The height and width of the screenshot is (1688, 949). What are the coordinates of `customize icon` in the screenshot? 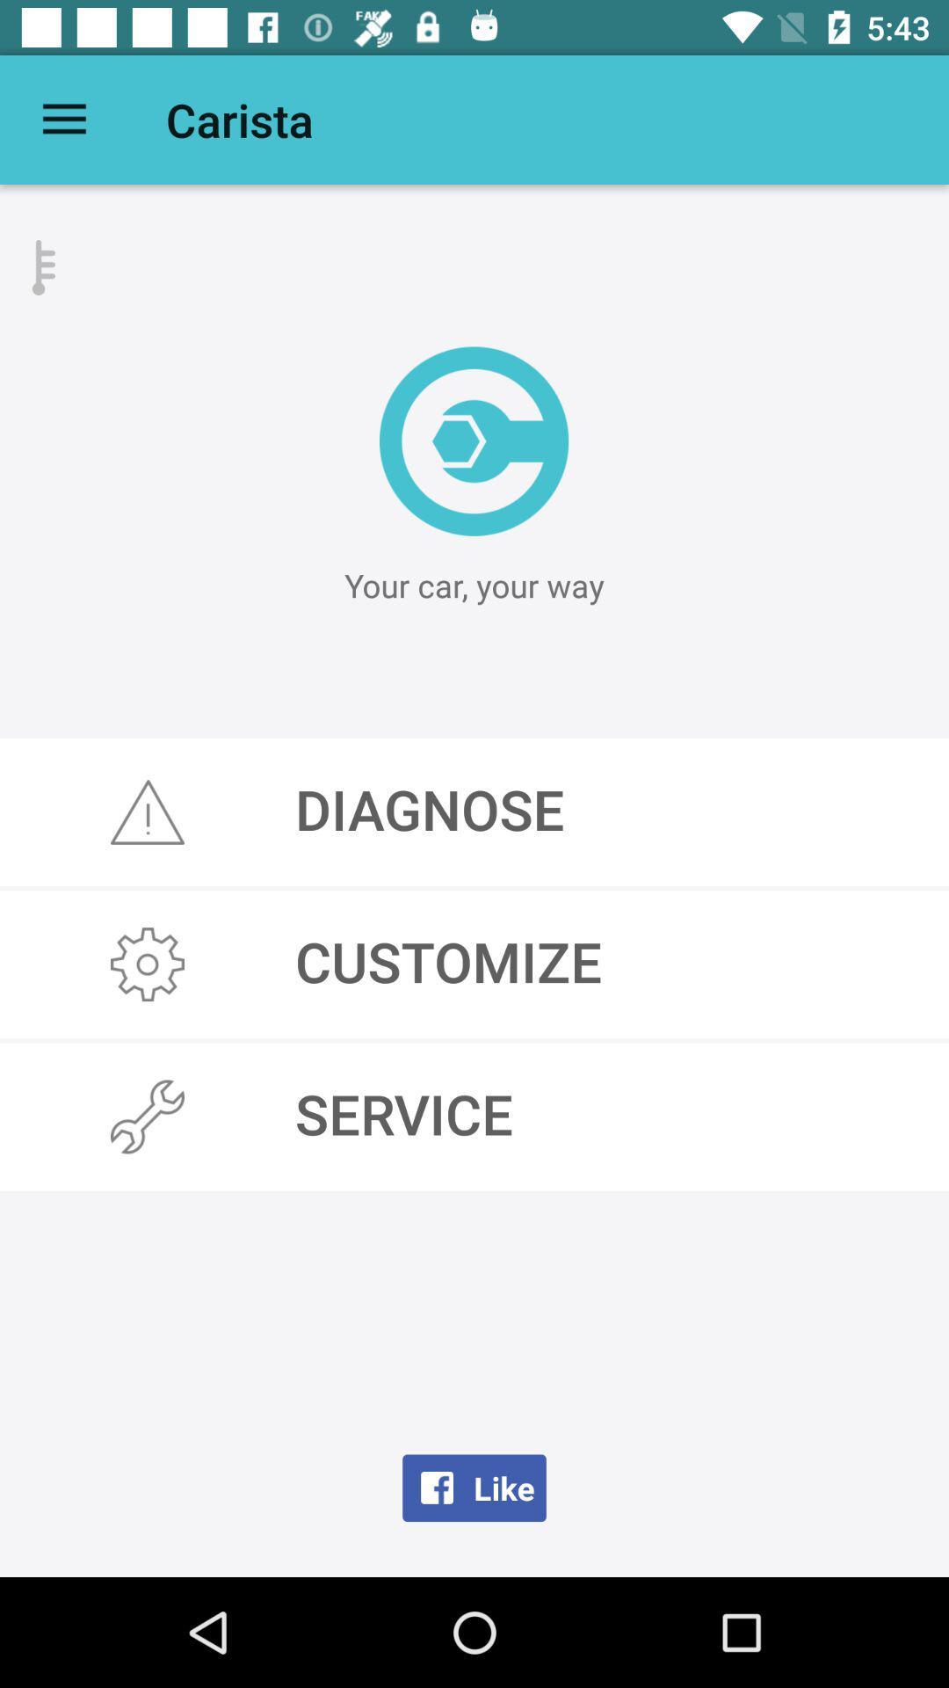 It's located at (474, 964).